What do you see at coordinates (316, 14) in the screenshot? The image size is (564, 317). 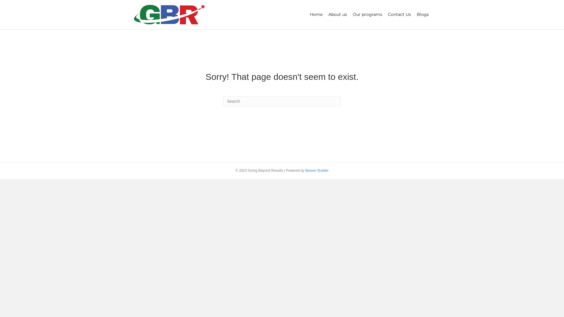 I see `'Home'` at bounding box center [316, 14].